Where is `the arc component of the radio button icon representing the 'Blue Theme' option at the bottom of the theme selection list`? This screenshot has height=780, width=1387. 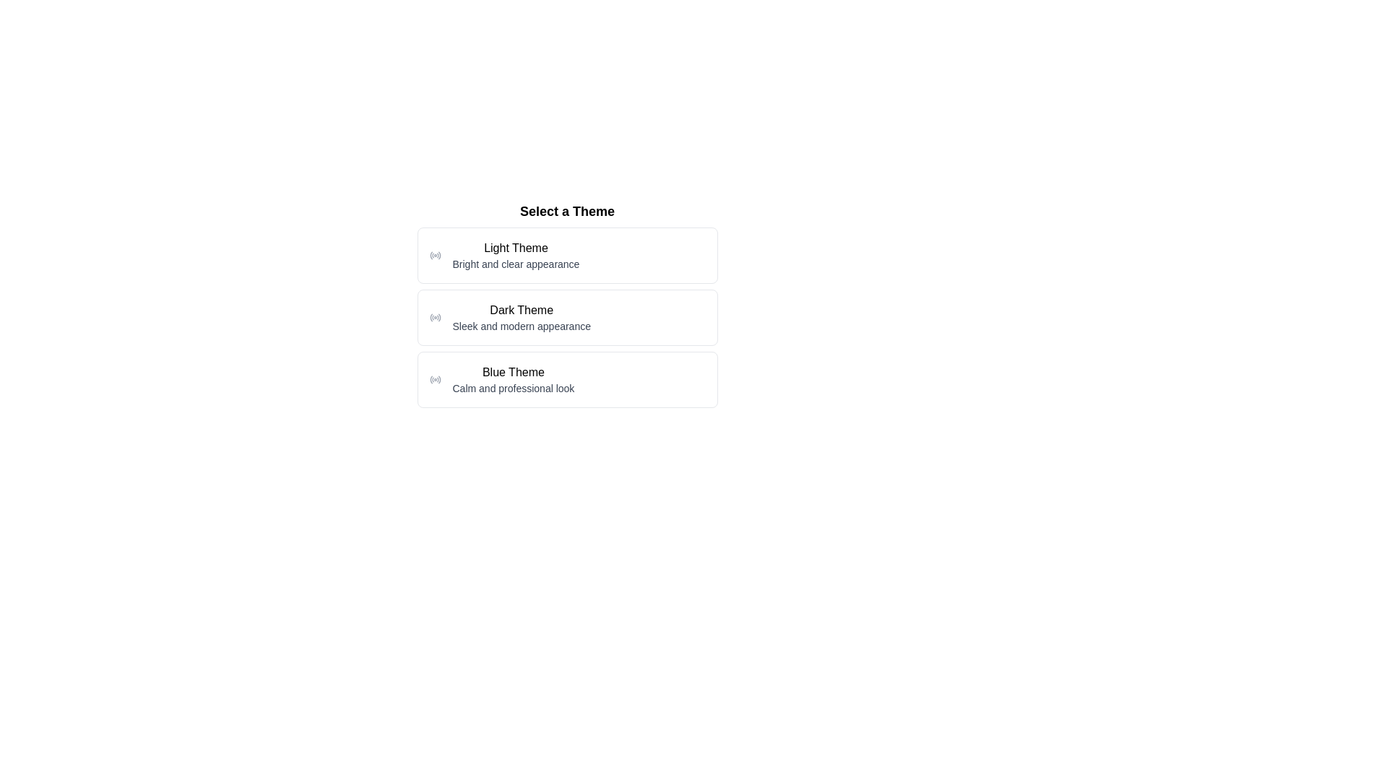
the arc component of the radio button icon representing the 'Blue Theme' option at the bottom of the theme selection list is located at coordinates (430, 378).